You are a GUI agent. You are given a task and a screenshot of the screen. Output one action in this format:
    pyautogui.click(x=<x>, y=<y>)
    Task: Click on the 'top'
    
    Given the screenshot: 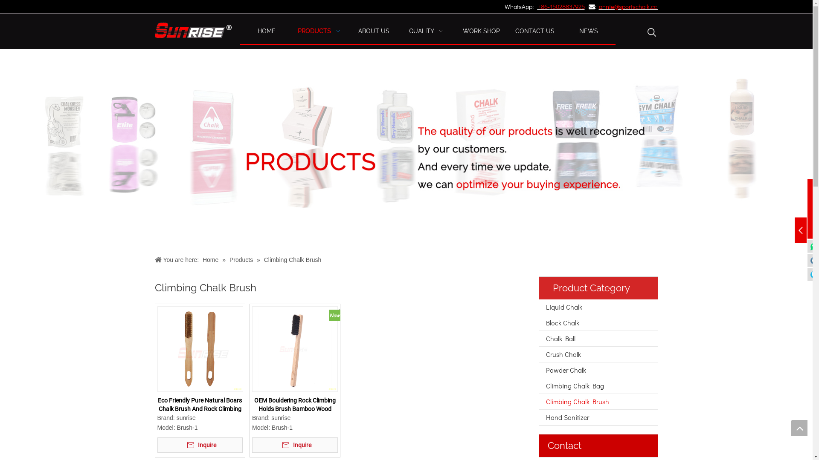 What is the action you would take?
    pyautogui.click(x=799, y=428)
    